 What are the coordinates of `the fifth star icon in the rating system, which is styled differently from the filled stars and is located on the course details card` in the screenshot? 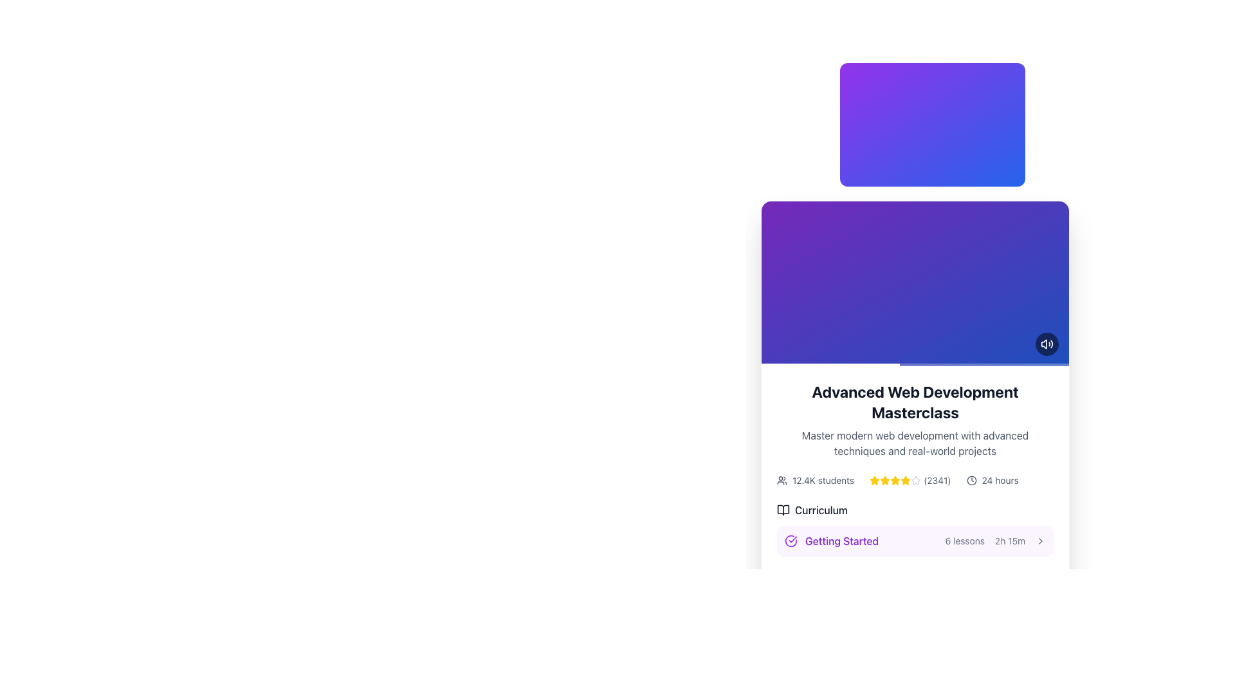 It's located at (915, 481).